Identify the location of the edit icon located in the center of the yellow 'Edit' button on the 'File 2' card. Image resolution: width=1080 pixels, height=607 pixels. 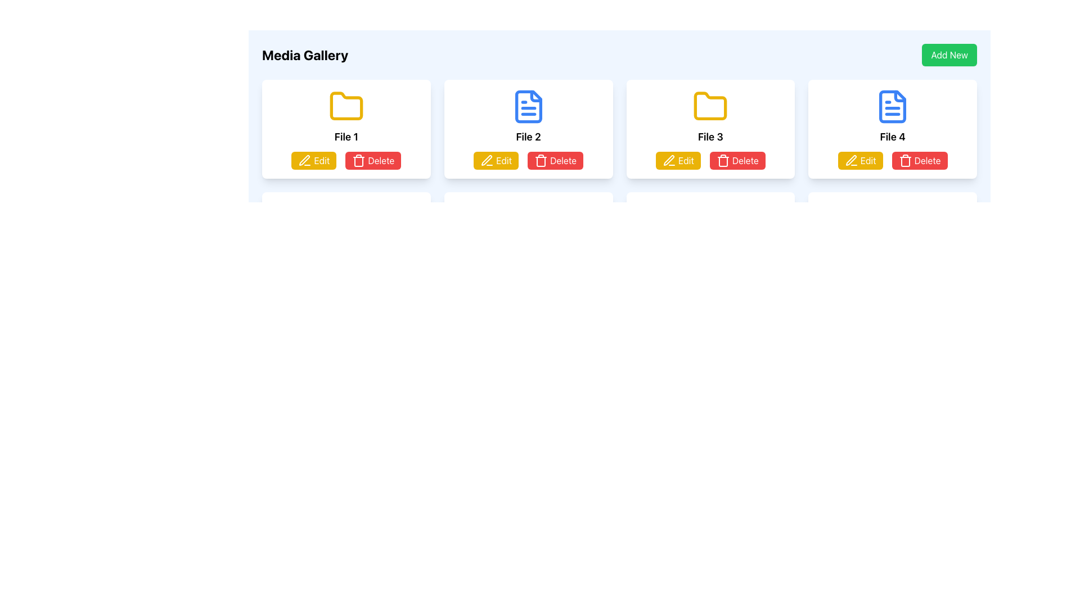
(487, 160).